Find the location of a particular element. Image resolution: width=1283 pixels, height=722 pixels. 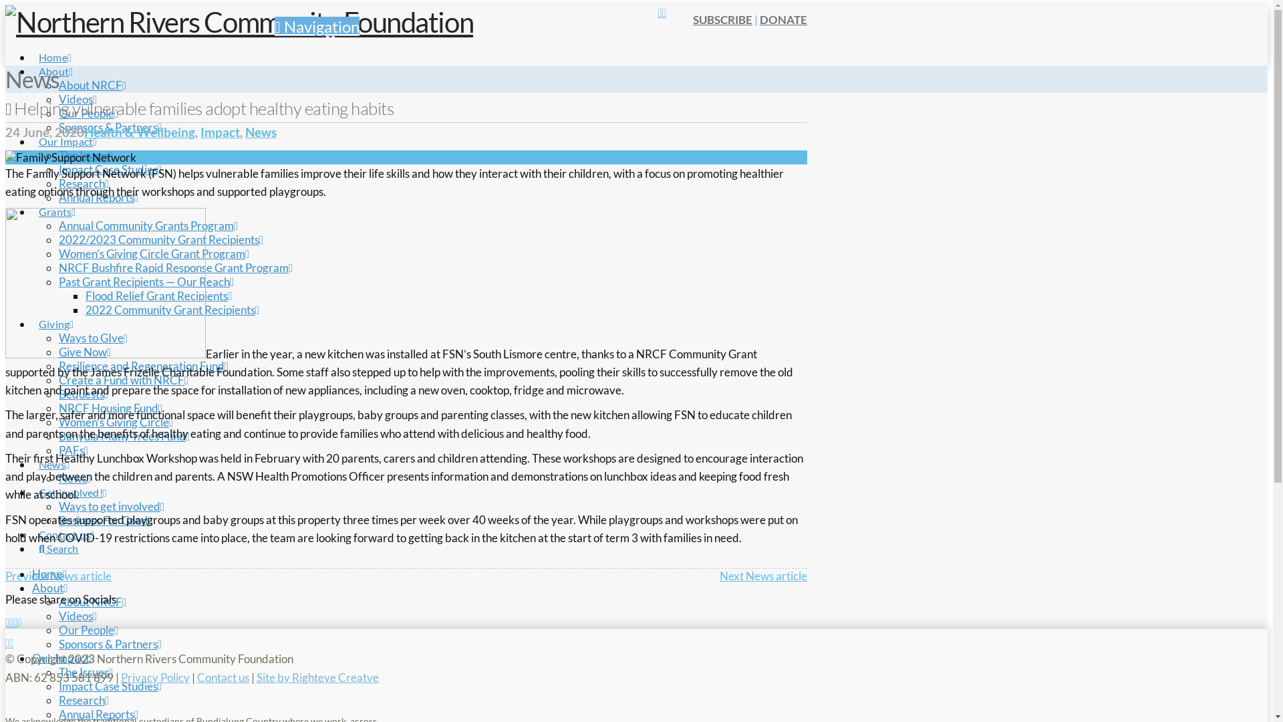

'DONATE' is located at coordinates (783, 19).